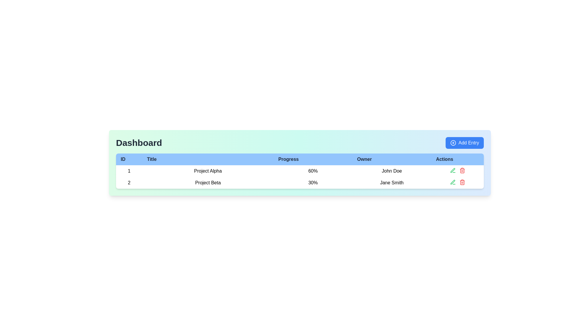 The height and width of the screenshot is (317, 564). I want to click on the trash icon located in the second row of the 'Actions' table to trigger a tooltip or visual change, so click(462, 182).